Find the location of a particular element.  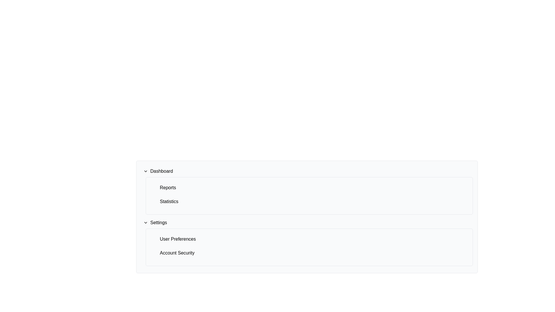

the 'User Preferences' text label is located at coordinates (177, 239).